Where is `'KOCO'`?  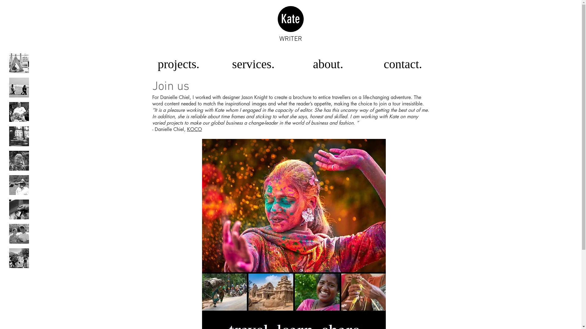
'KOCO' is located at coordinates (194, 129).